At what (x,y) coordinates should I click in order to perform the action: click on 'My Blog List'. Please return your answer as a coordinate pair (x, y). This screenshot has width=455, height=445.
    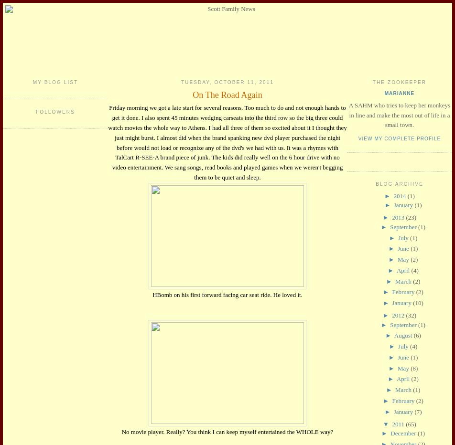
    Looking at the image, I should click on (32, 82).